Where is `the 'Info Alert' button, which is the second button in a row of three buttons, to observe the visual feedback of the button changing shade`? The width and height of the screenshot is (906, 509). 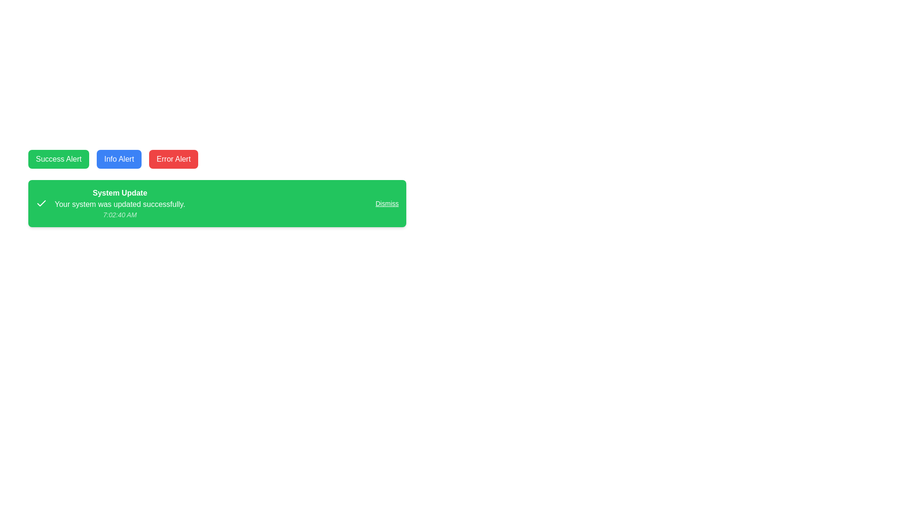 the 'Info Alert' button, which is the second button in a row of three buttons, to observe the visual feedback of the button changing shade is located at coordinates (118, 159).